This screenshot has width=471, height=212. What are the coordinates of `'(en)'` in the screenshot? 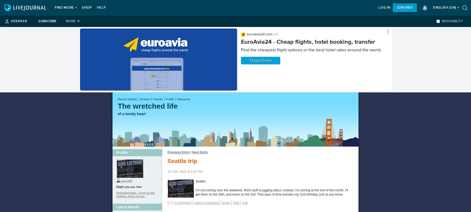 It's located at (452, 8).